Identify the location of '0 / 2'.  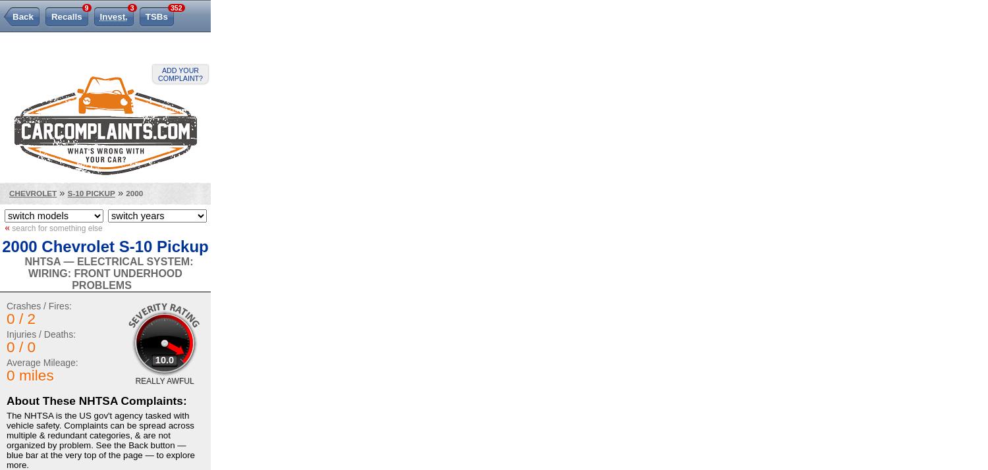
(20, 319).